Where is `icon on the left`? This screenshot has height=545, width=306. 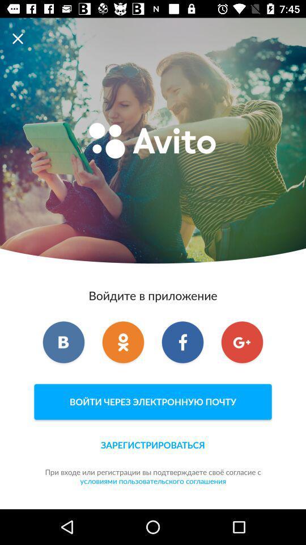 icon on the left is located at coordinates (63, 341).